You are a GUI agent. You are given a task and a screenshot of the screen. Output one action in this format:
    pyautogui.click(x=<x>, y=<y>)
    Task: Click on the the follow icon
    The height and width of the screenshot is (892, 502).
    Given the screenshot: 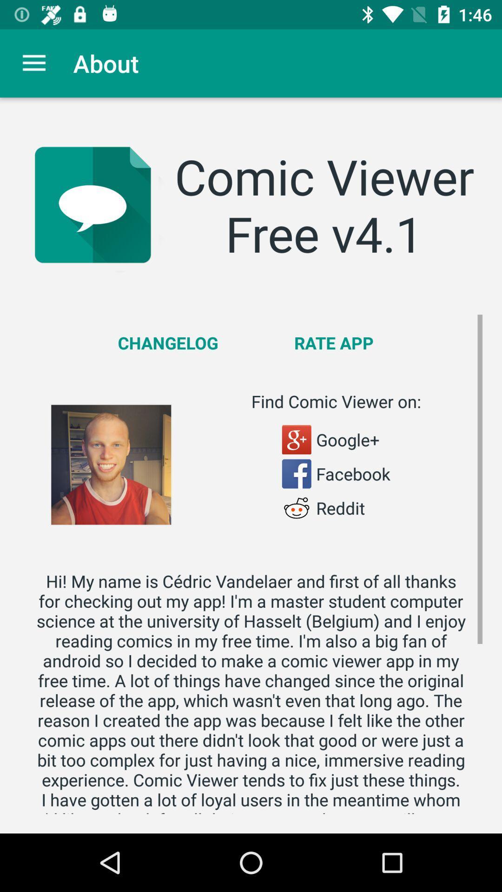 What is the action you would take?
    pyautogui.click(x=297, y=439)
    